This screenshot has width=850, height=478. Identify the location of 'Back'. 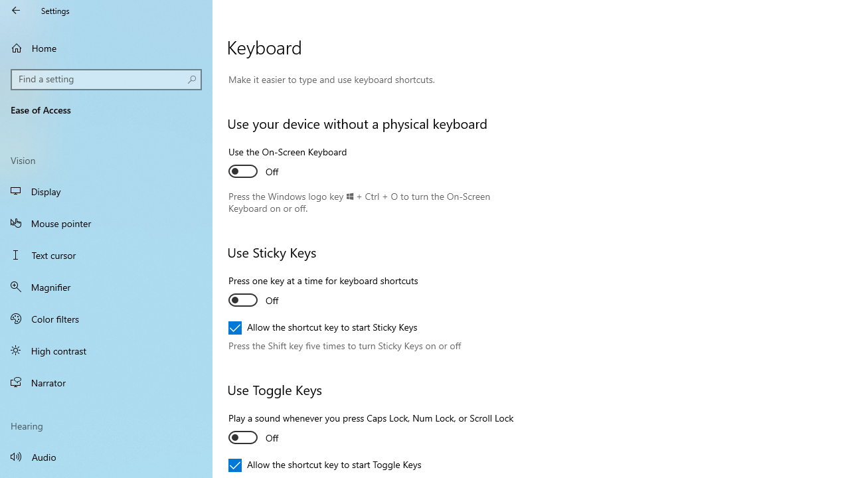
(16, 10).